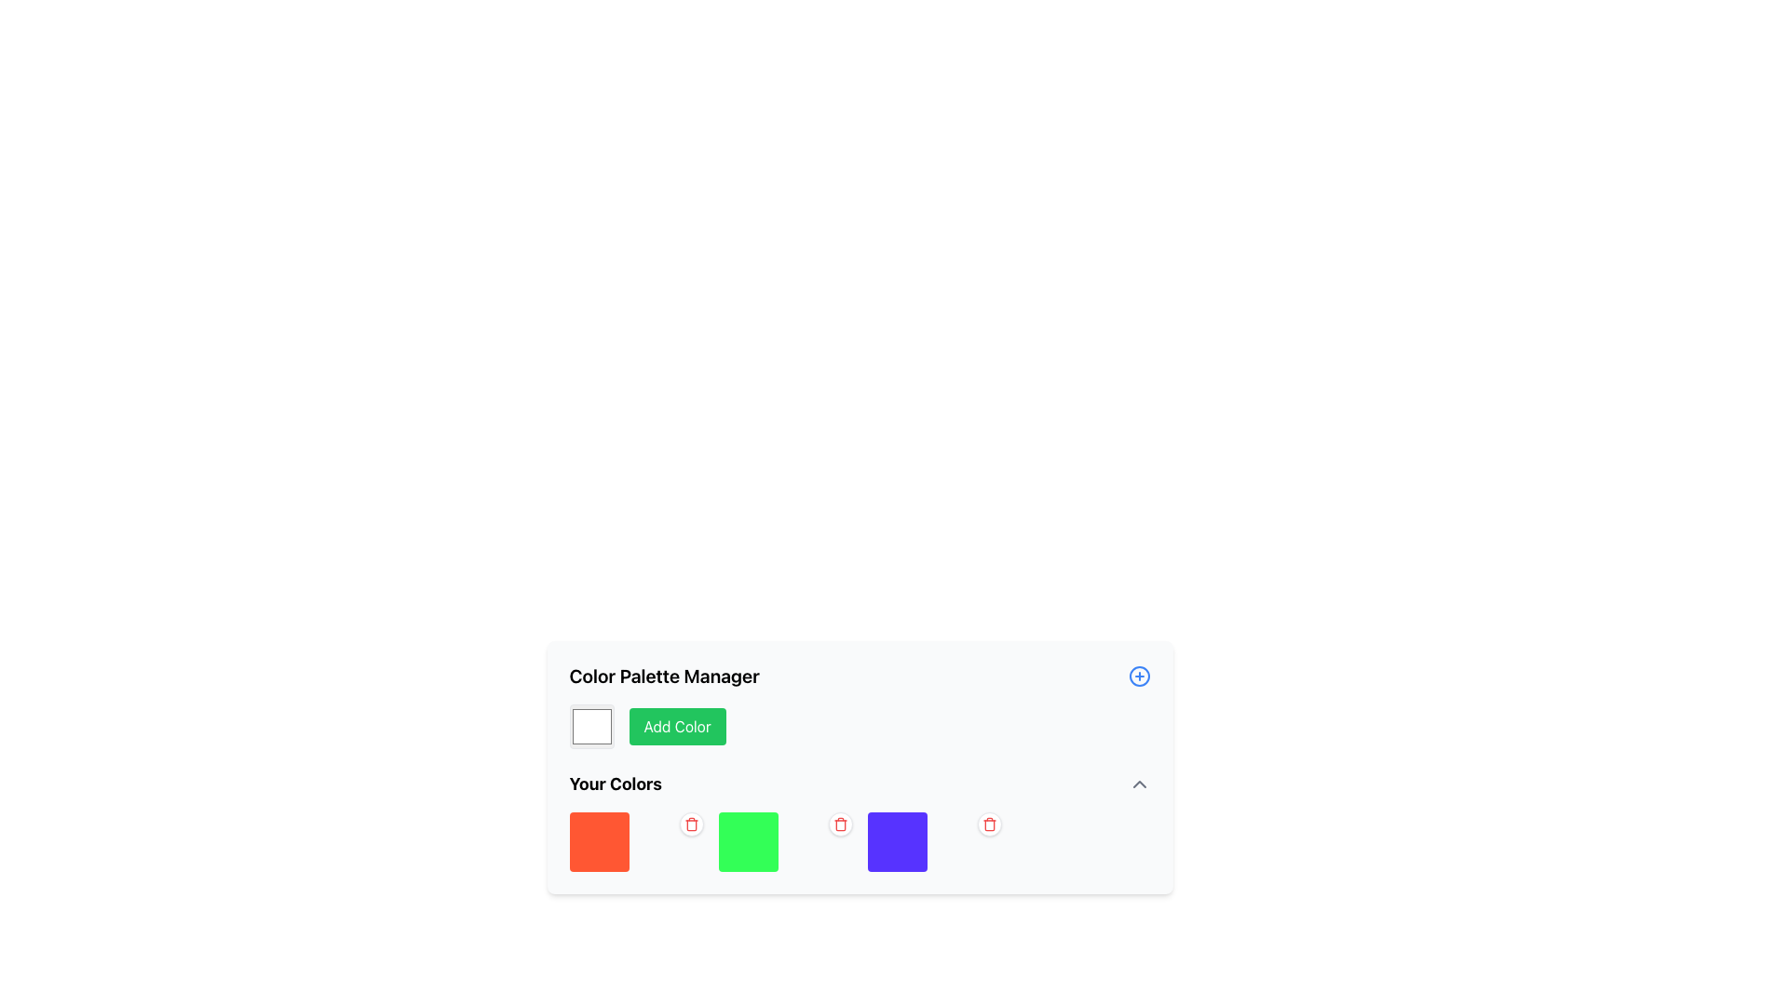 This screenshot has width=1788, height=1005. I want to click on the green color swatch, which is the second block in the 'Your Colors' section, so click(748, 842).